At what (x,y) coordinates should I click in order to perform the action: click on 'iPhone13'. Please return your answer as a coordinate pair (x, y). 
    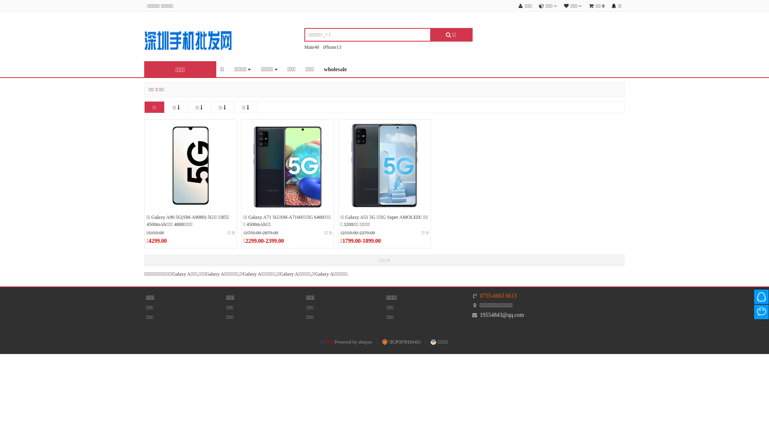
    Looking at the image, I should click on (332, 47).